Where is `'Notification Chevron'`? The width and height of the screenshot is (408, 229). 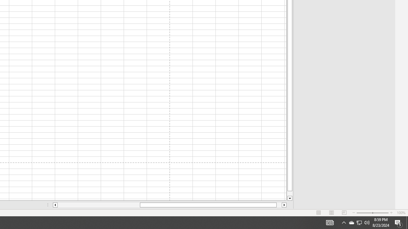
'Notification Chevron' is located at coordinates (351, 222).